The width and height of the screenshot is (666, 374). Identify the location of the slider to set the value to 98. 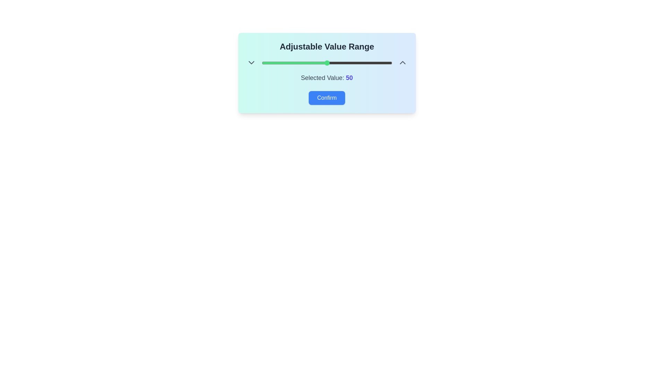
(390, 63).